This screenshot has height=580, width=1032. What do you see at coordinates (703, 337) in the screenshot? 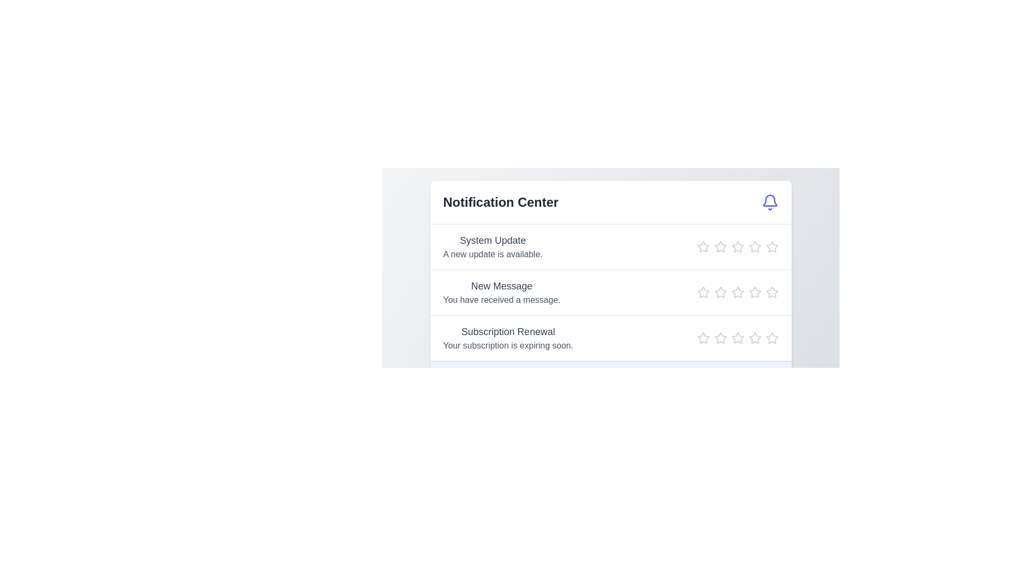
I see `the star icon to set the rating to 1 for the notification titled 'Subscription Renewal'` at bounding box center [703, 337].